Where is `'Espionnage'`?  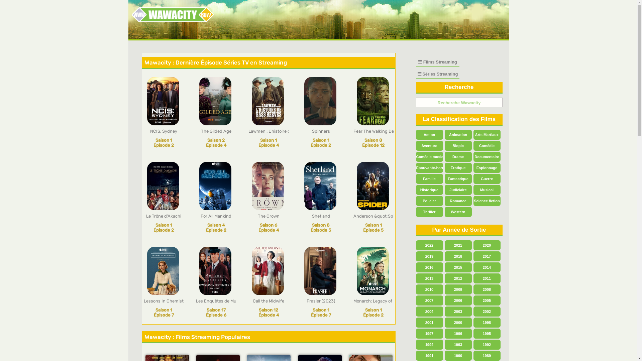
'Espionnage' is located at coordinates (487, 167).